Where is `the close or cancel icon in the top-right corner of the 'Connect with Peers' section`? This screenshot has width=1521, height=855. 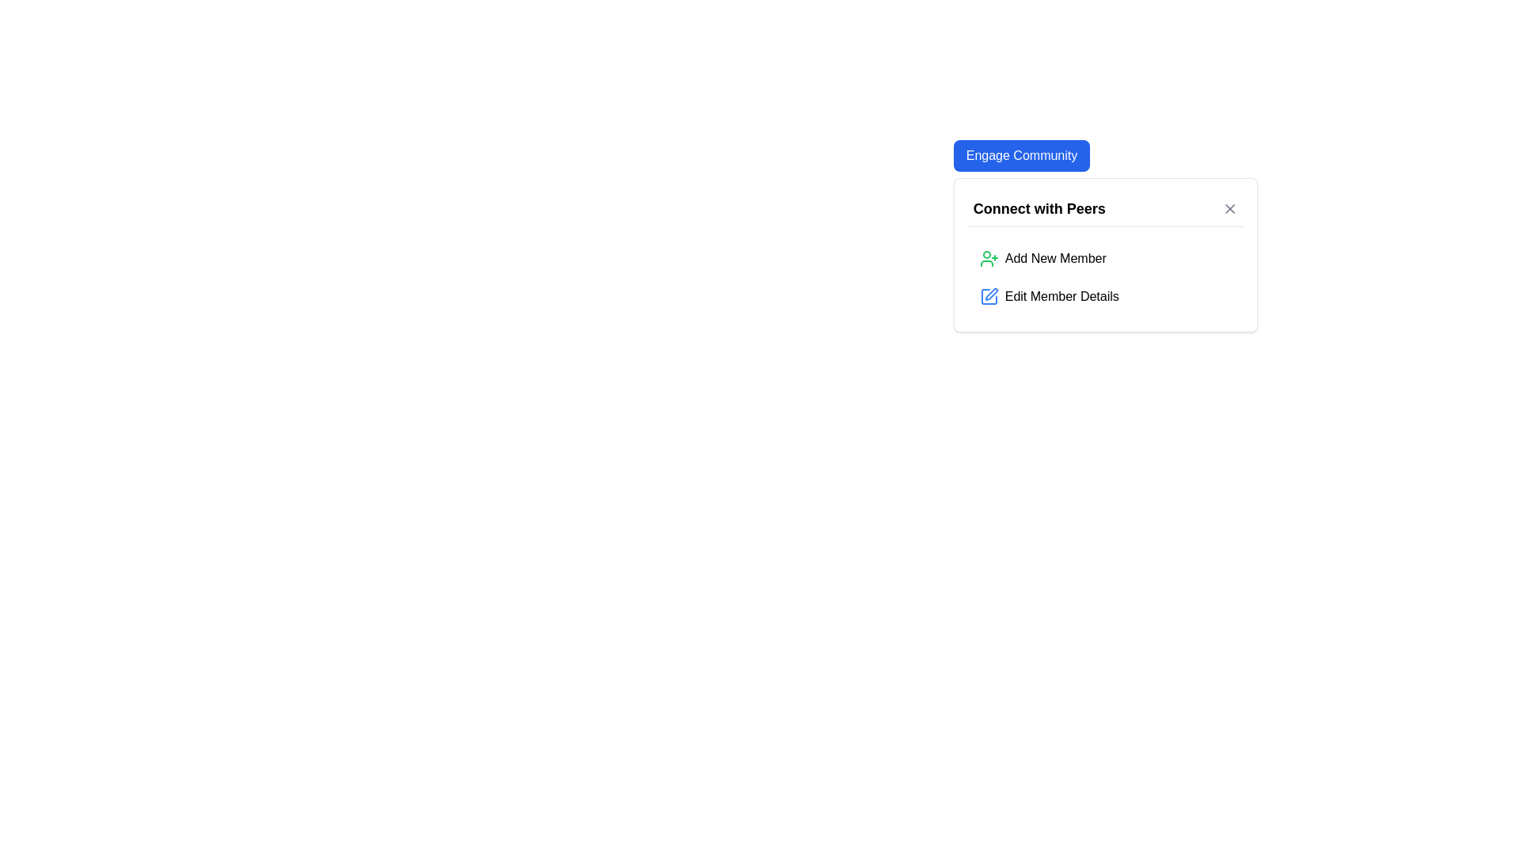
the close or cancel icon in the top-right corner of the 'Connect with Peers' section is located at coordinates (1229, 207).